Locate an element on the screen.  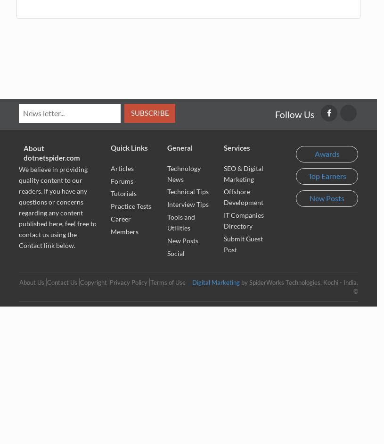
'Terms of Use' is located at coordinates (167, 282).